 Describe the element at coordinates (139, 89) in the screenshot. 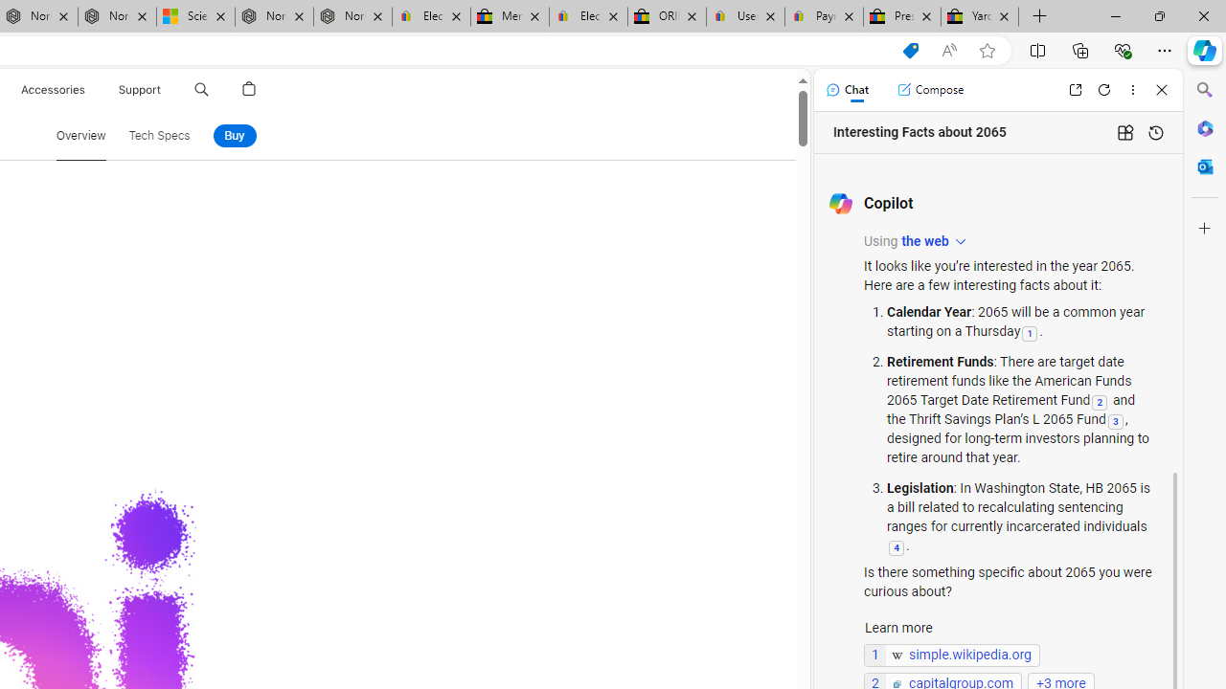

I see `'Support'` at that location.